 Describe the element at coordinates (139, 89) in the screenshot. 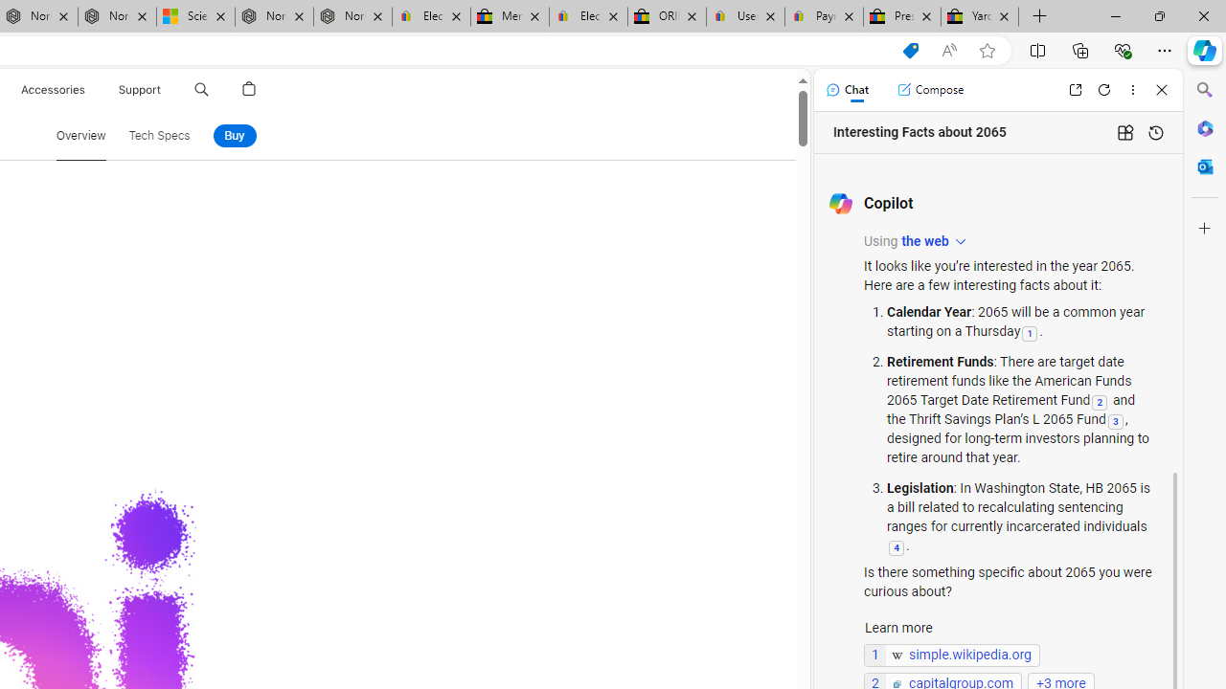

I see `'Support'` at that location.